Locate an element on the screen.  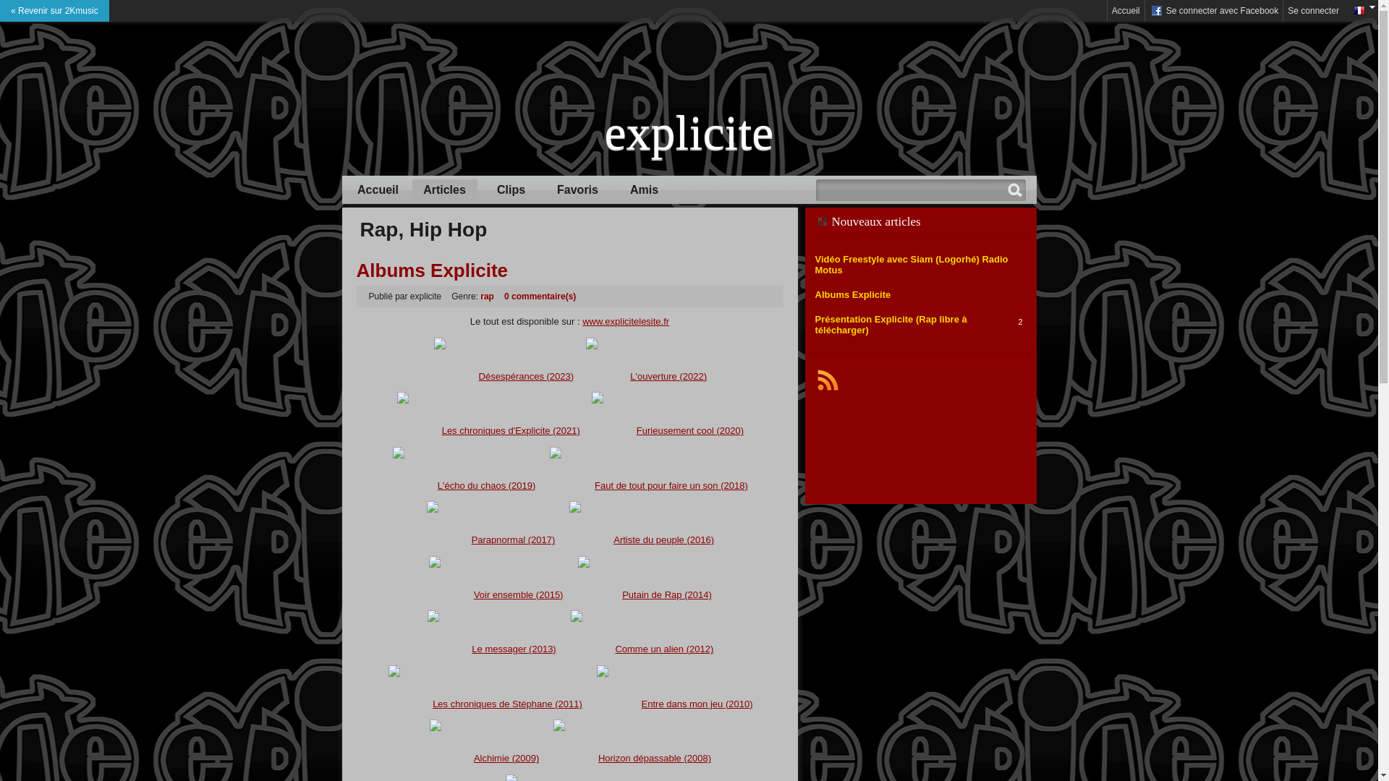
'Amis' is located at coordinates (644, 189).